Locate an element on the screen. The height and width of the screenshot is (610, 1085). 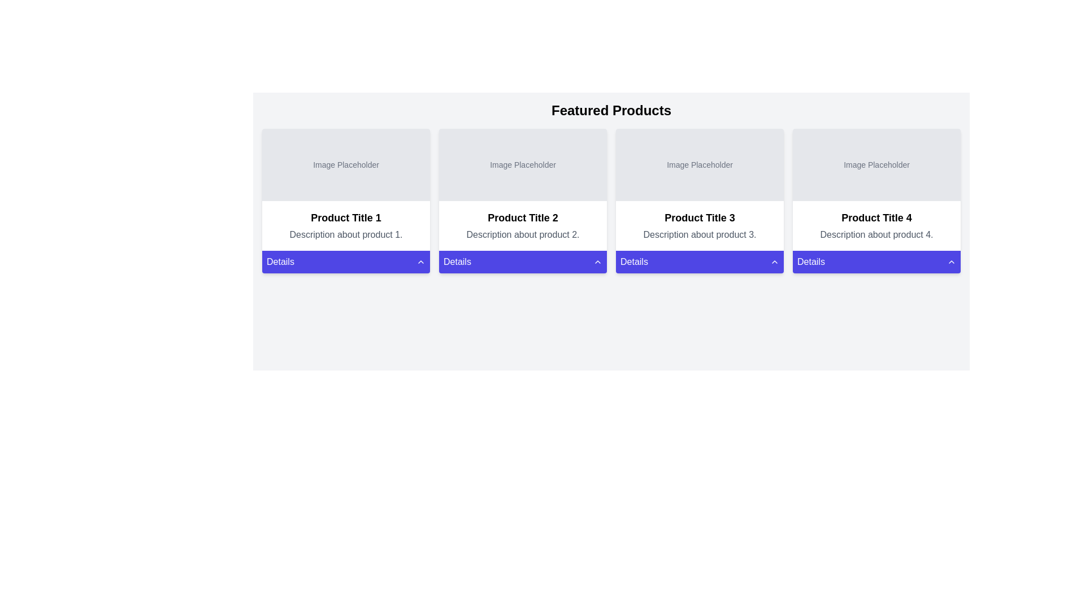
the 'Details' button located at the bottom section of the 'Product Title 2' card is located at coordinates (522, 262).